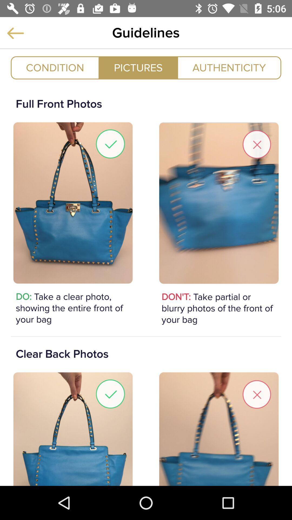 This screenshot has width=292, height=520. Describe the element at coordinates (138, 67) in the screenshot. I see `the item to the right of condition` at that location.